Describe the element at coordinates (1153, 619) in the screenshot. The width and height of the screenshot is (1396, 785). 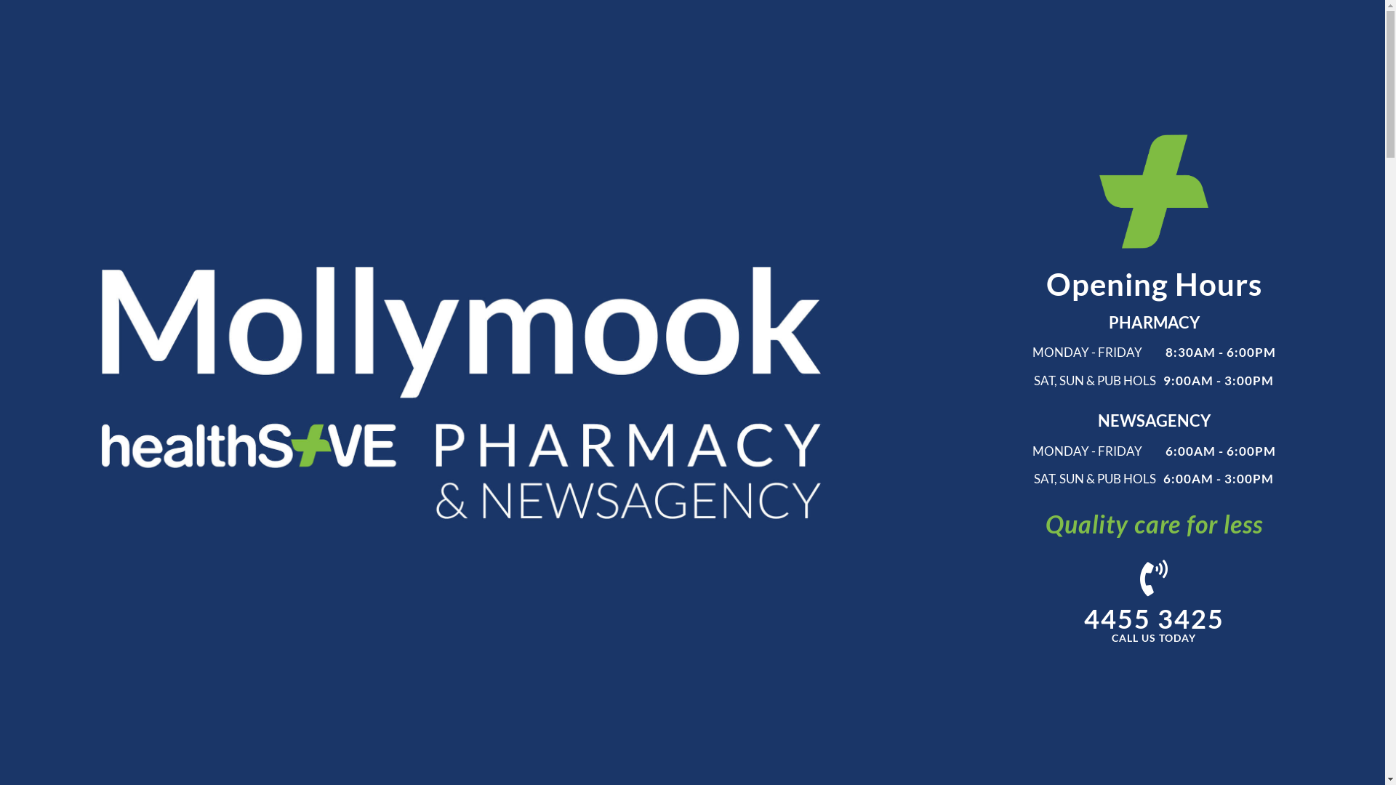
I see `'4455 3425'` at that location.